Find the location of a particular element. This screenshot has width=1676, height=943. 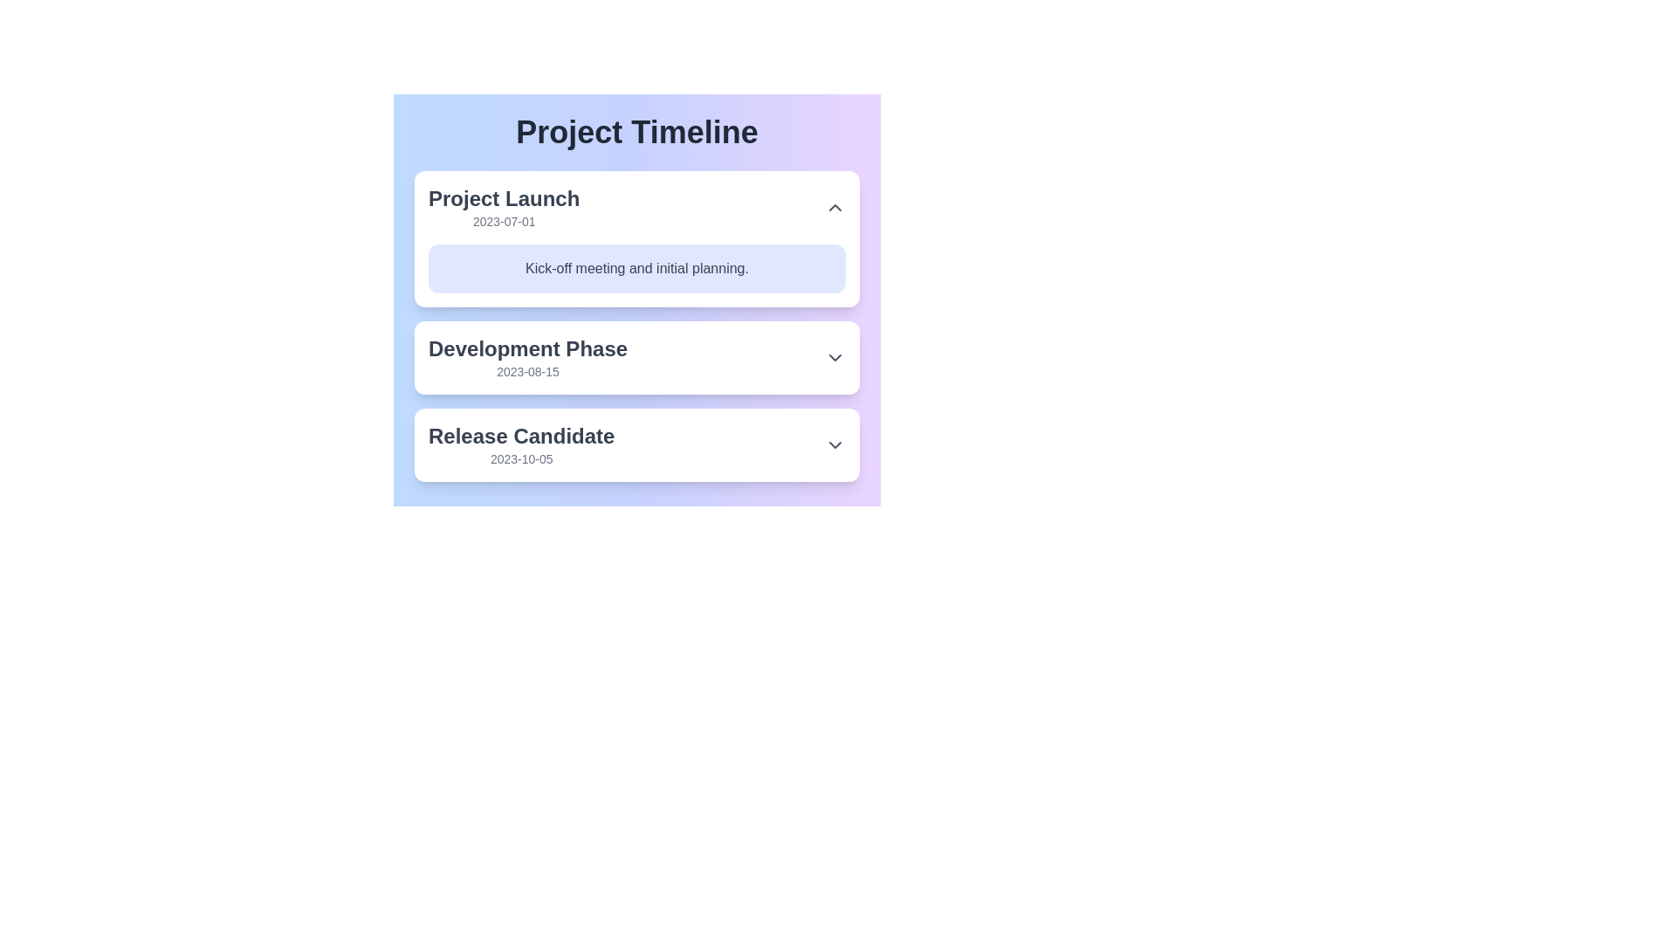

the gray downward-pointing chevron icon located to the far right of the 'Release Candidate' text in the card labeled 'Release Candidate' is located at coordinates (834, 444).